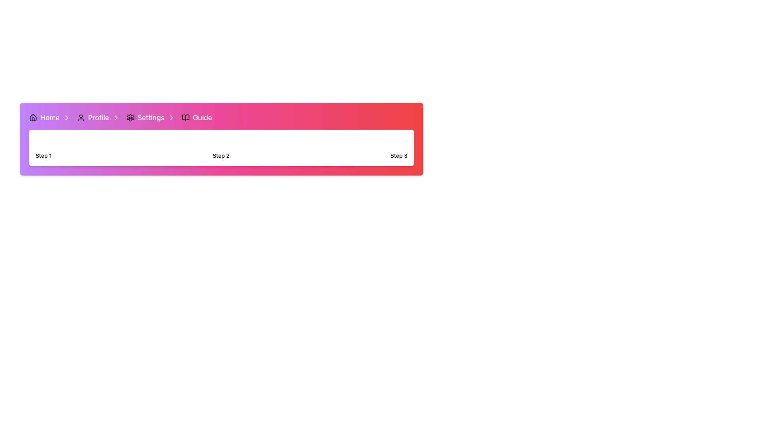 The image size is (759, 427). What do you see at coordinates (98, 117) in the screenshot?
I see `the second navigation item that allows access to the Profile section for accessibility navigation` at bounding box center [98, 117].